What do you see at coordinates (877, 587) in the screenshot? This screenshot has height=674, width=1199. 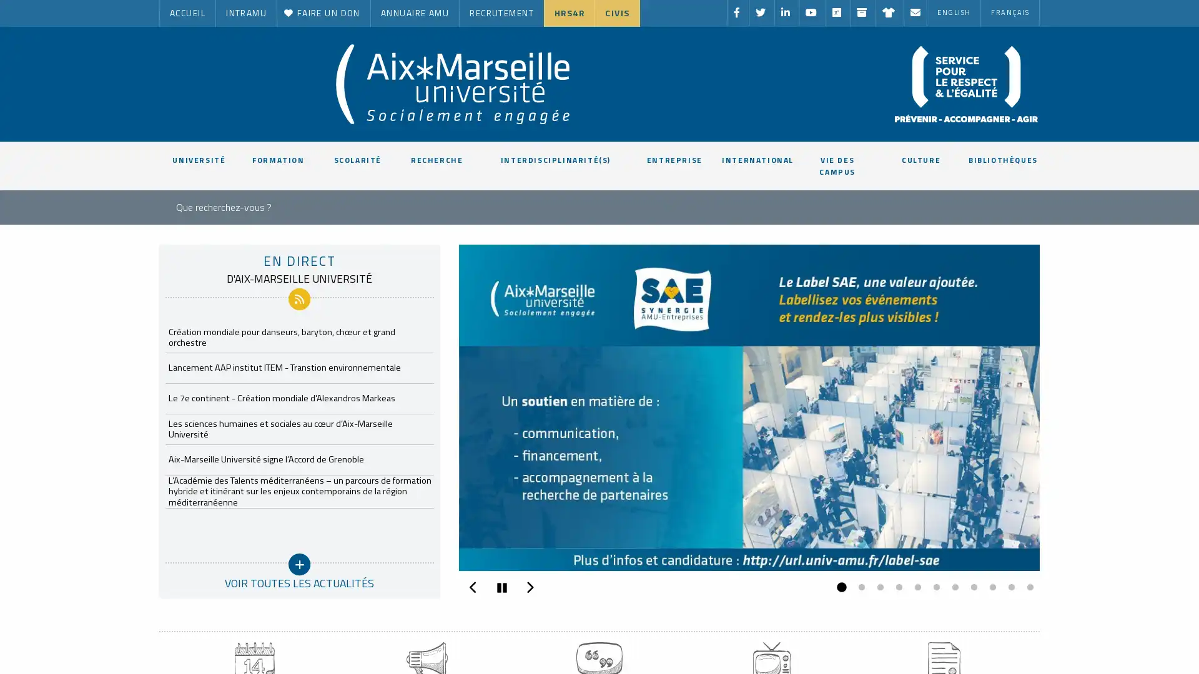 I see `Go to slide 3` at bounding box center [877, 587].